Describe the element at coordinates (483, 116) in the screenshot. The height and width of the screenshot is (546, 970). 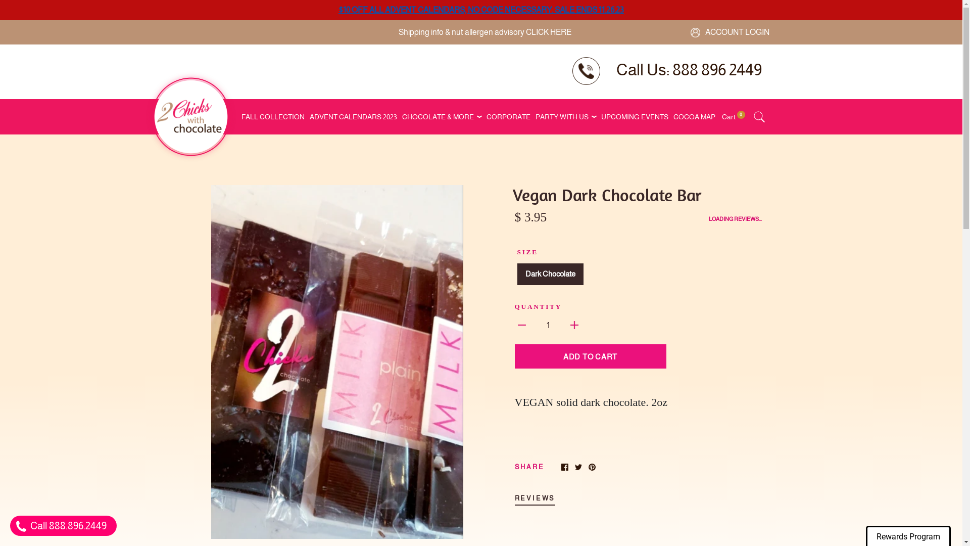
I see `'CORPORATE'` at that location.